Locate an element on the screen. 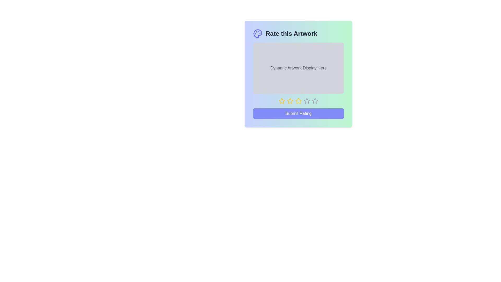  the star corresponding to the desired rating 3 is located at coordinates (298, 101).